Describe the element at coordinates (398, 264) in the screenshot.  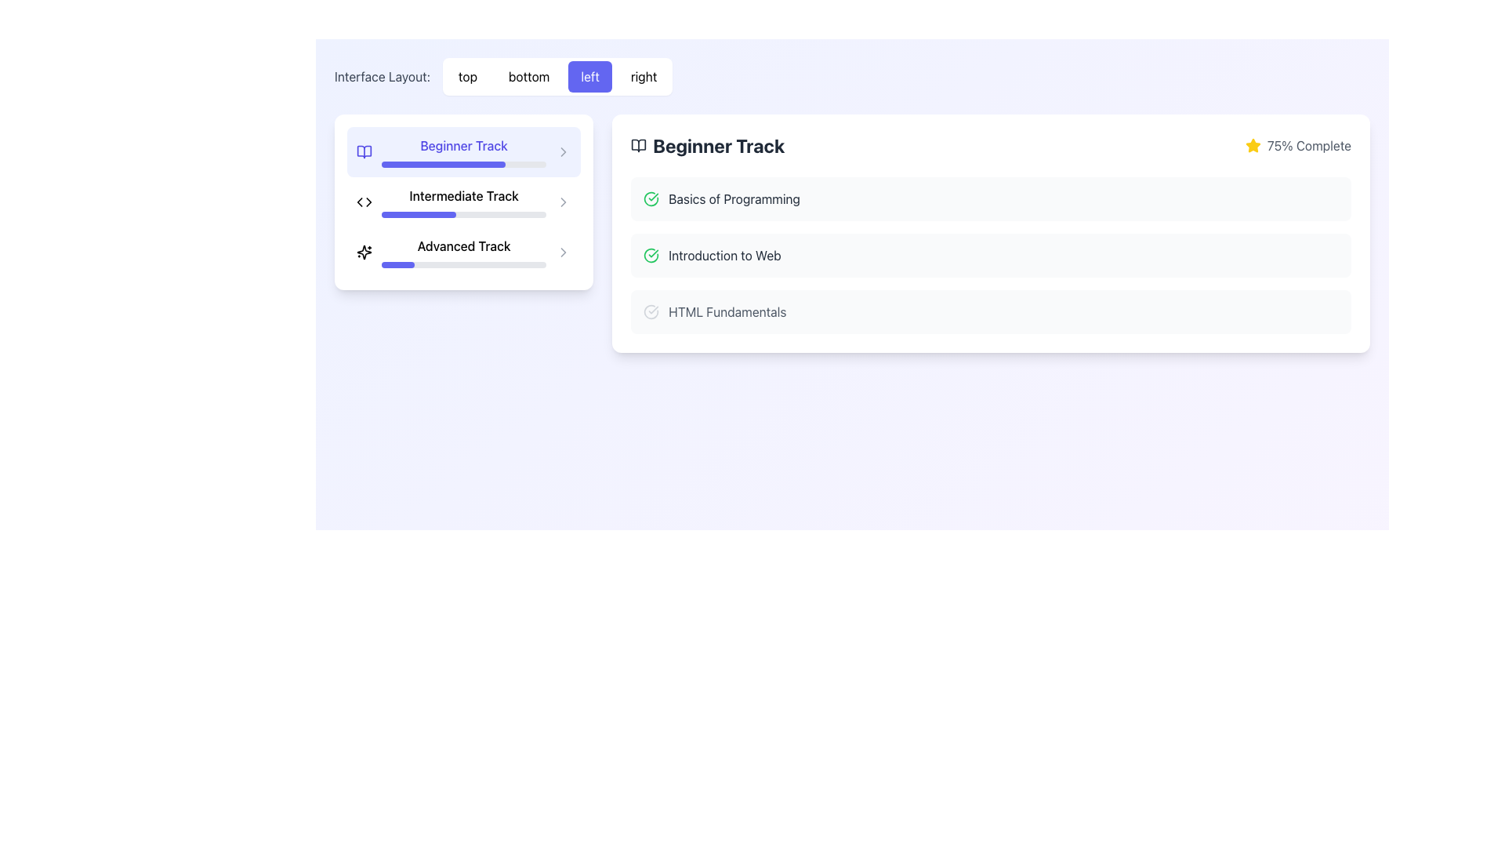
I see `the indigo-colored progress indicator bar, which is 2px high and located under the 'Advanced Track' text in the left panel` at that location.